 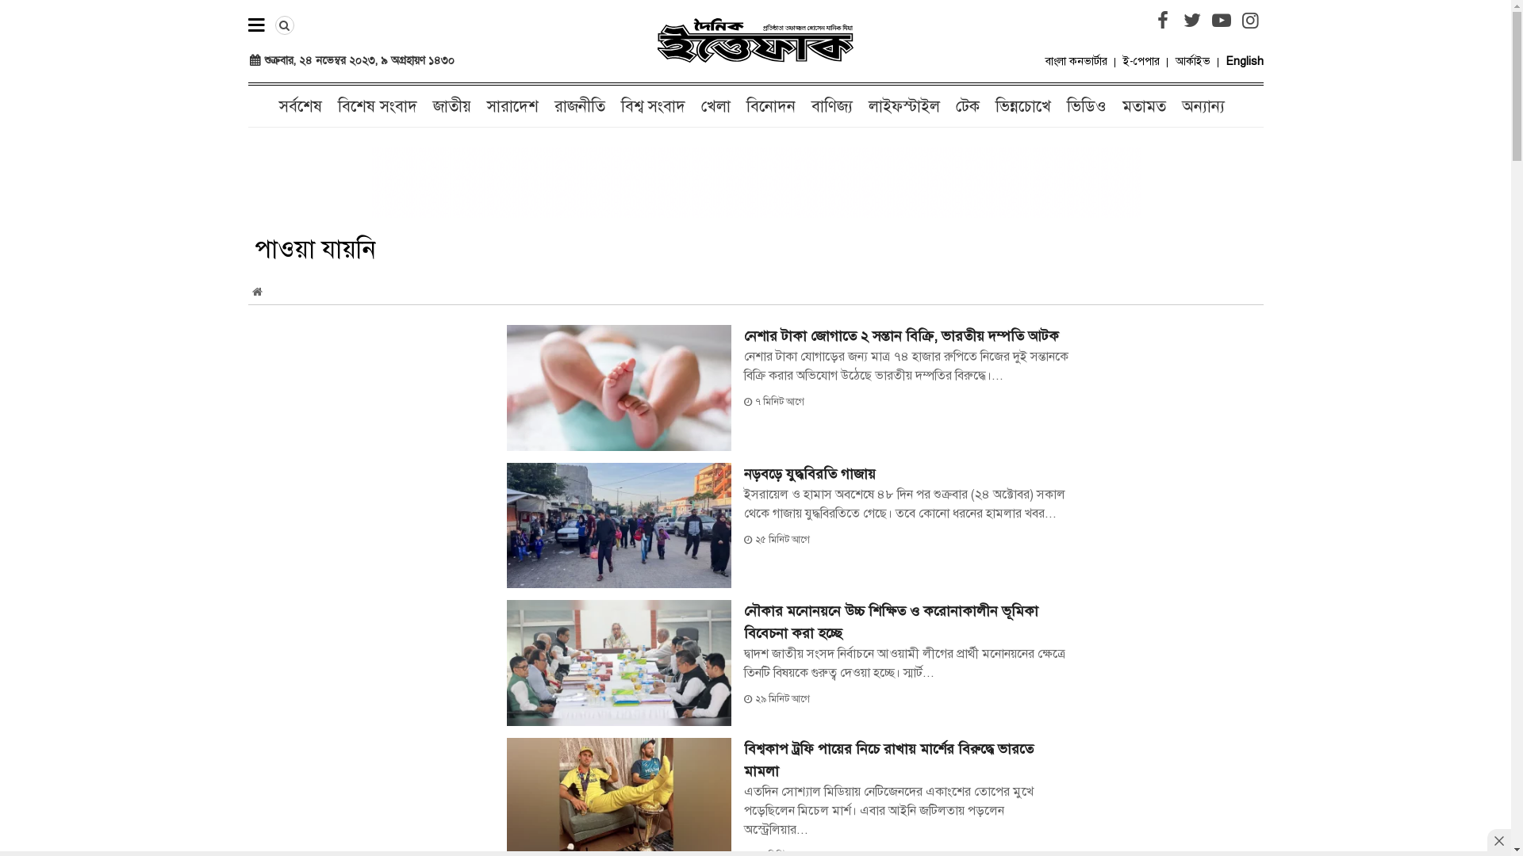 I want to click on 'Twitter', so click(x=1191, y=21).